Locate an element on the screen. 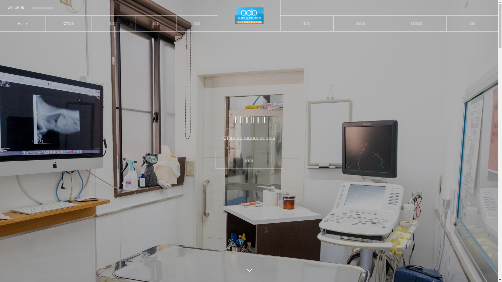 The height and width of the screenshot is (282, 502). 'Home' is located at coordinates (22, 23).